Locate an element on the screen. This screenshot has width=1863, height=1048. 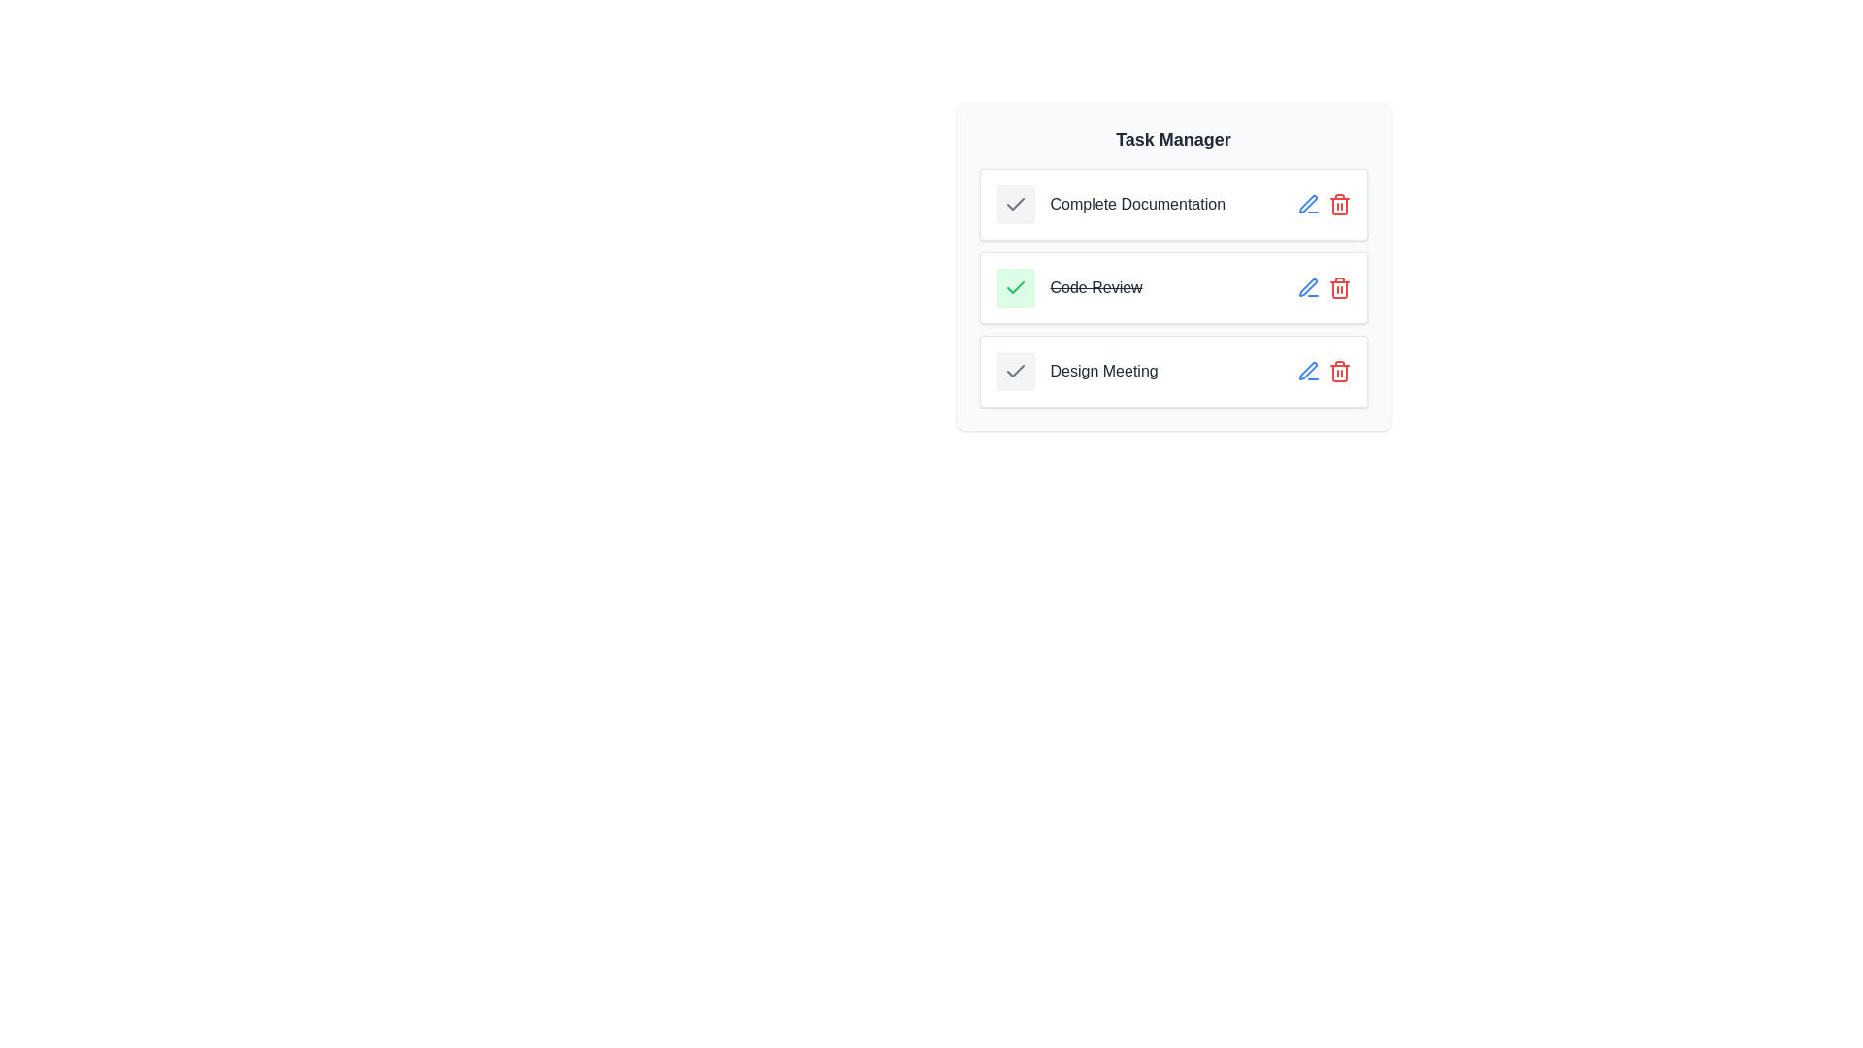
the static text label in the third row of the task list, which serves as a title for the corresponding task item is located at coordinates (1104, 371).